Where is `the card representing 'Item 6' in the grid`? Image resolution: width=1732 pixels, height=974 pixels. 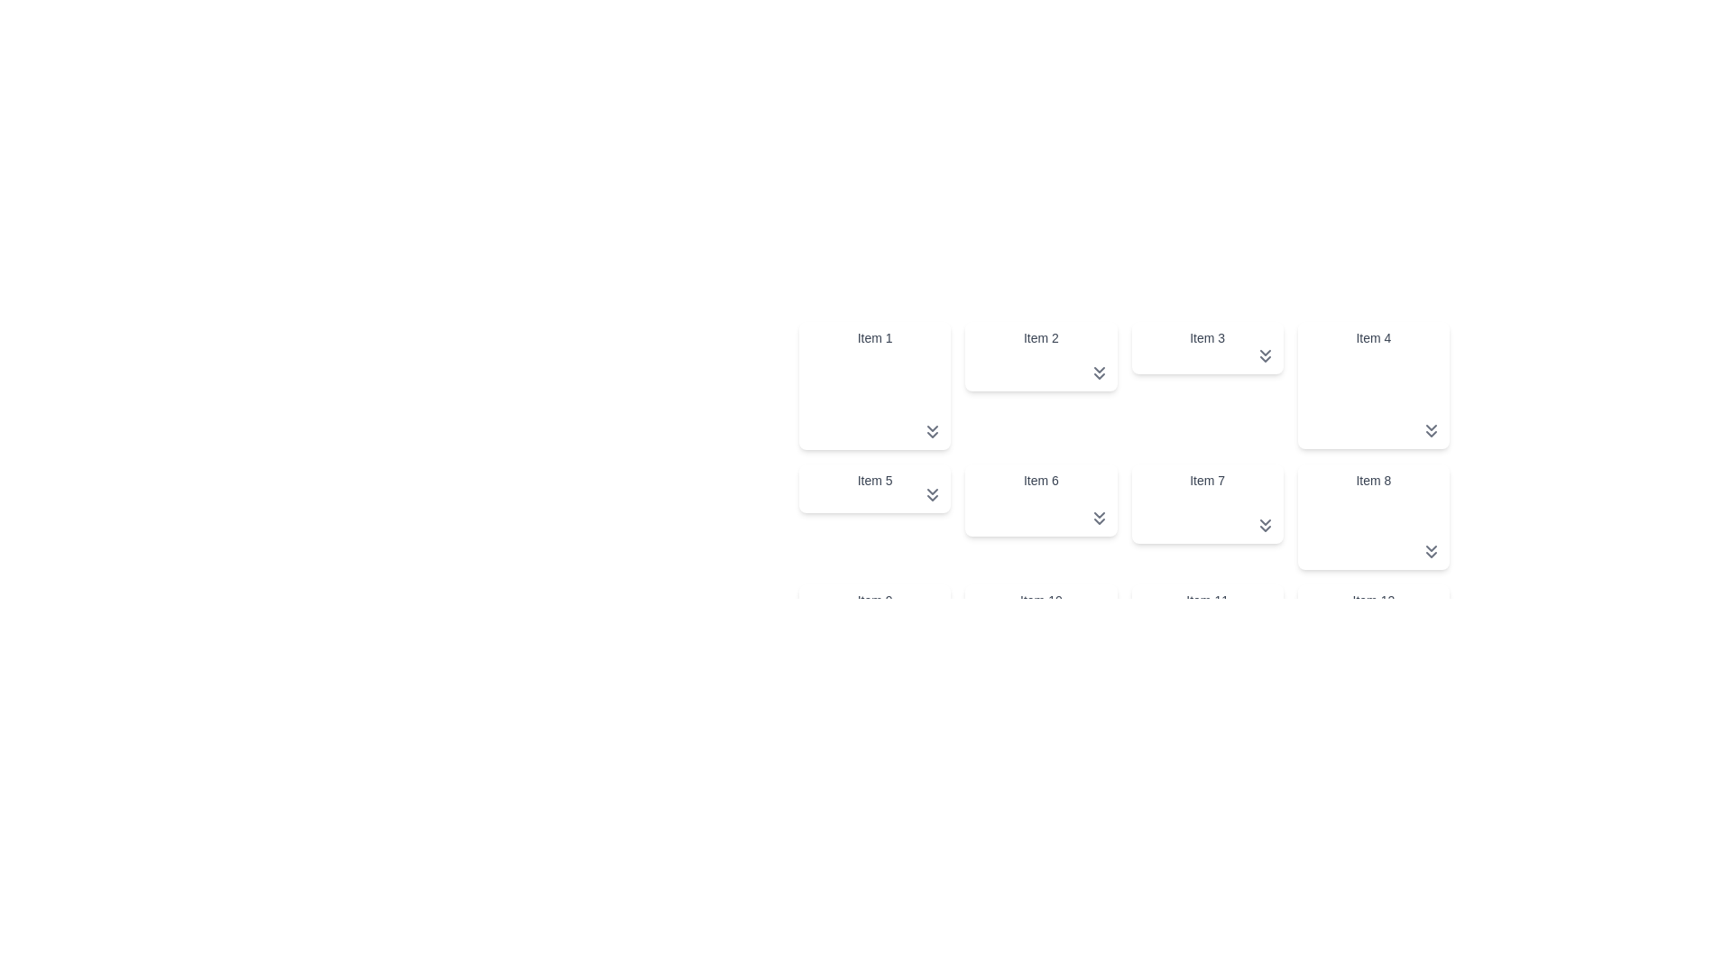
the card representing 'Item 6' in the grid is located at coordinates (1041, 501).